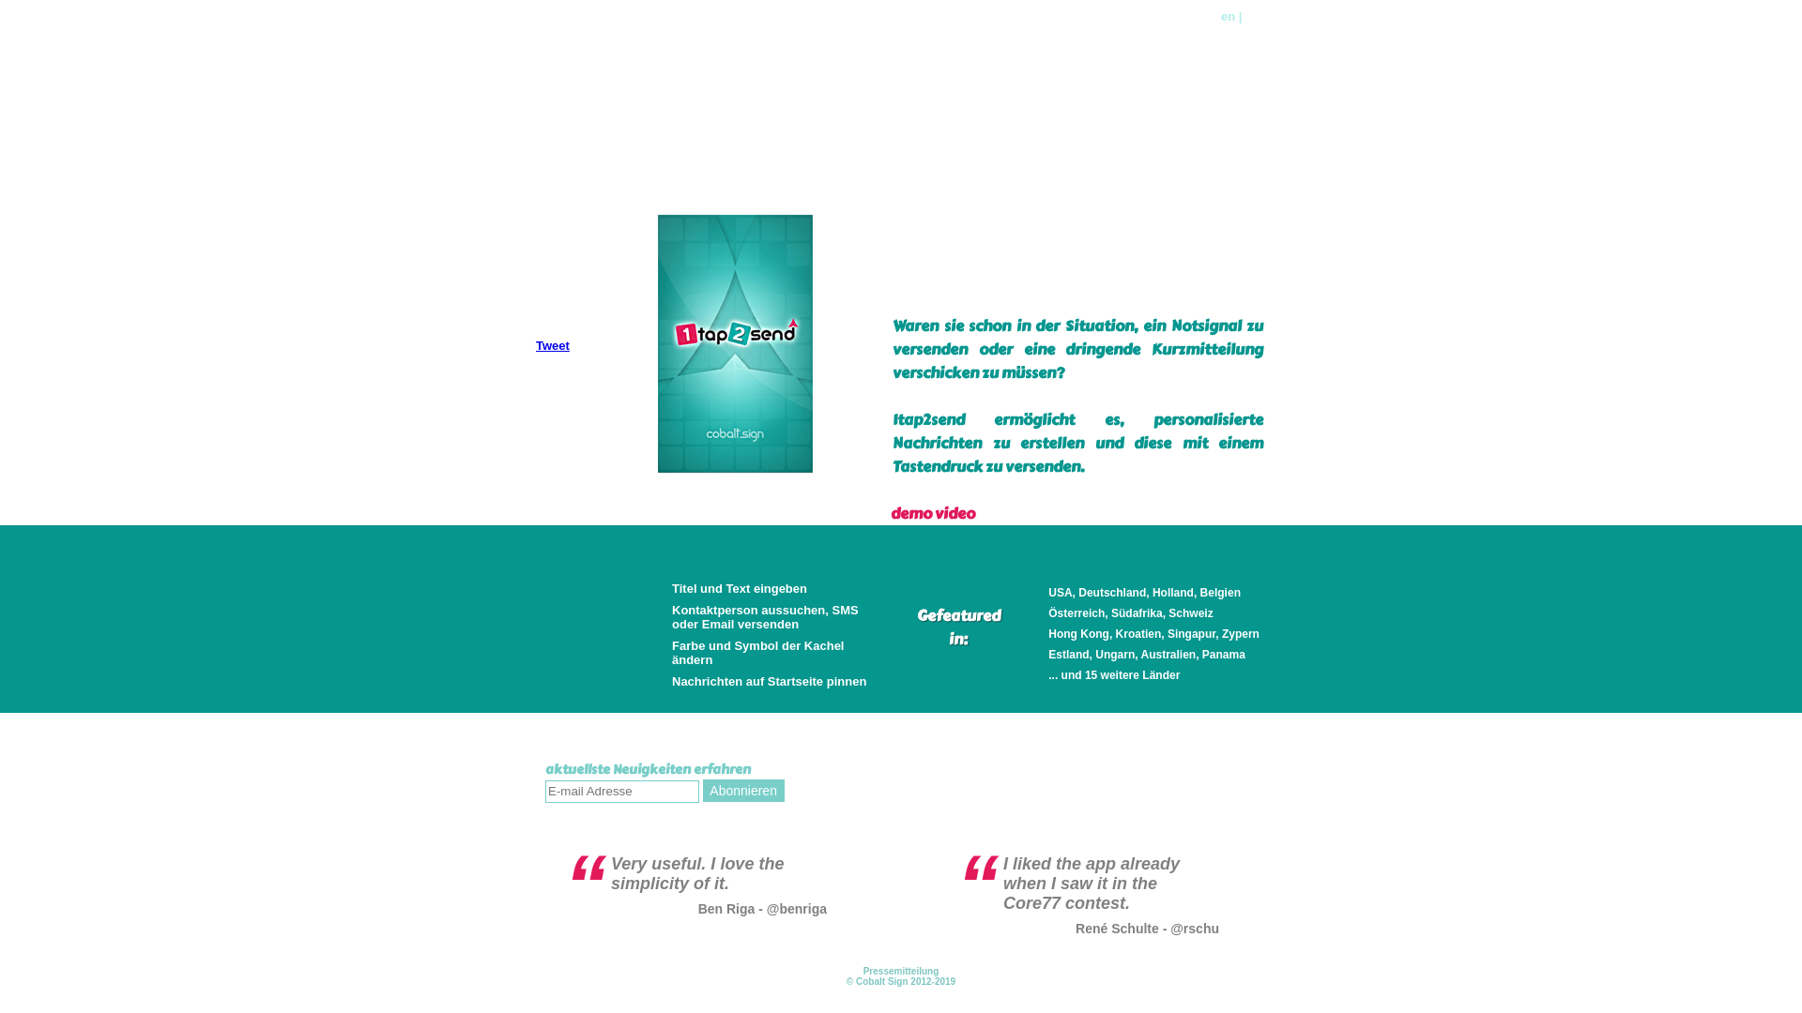 This screenshot has height=1013, width=1802. I want to click on 'de', so click(1245, 16).